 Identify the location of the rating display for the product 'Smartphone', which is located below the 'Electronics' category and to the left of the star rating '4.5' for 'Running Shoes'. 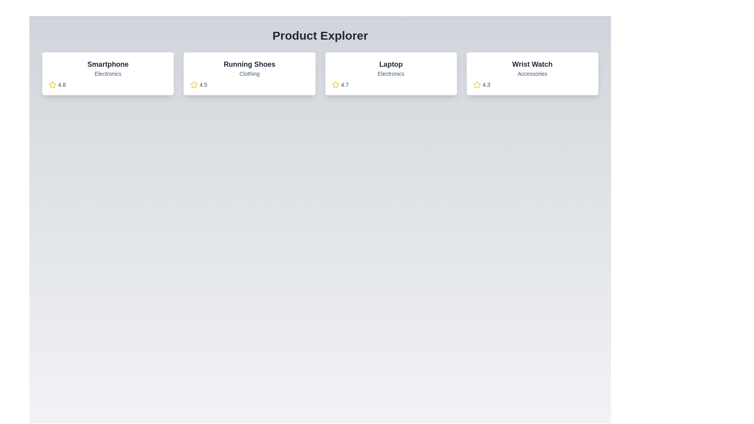
(108, 85).